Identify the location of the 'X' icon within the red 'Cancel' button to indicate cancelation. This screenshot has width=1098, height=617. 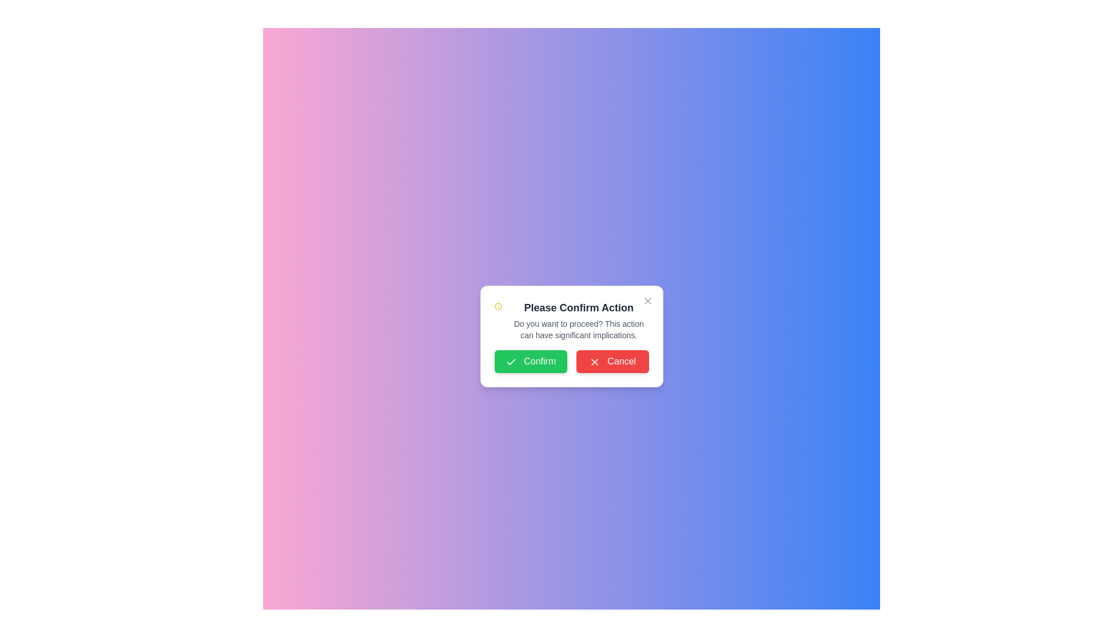
(594, 362).